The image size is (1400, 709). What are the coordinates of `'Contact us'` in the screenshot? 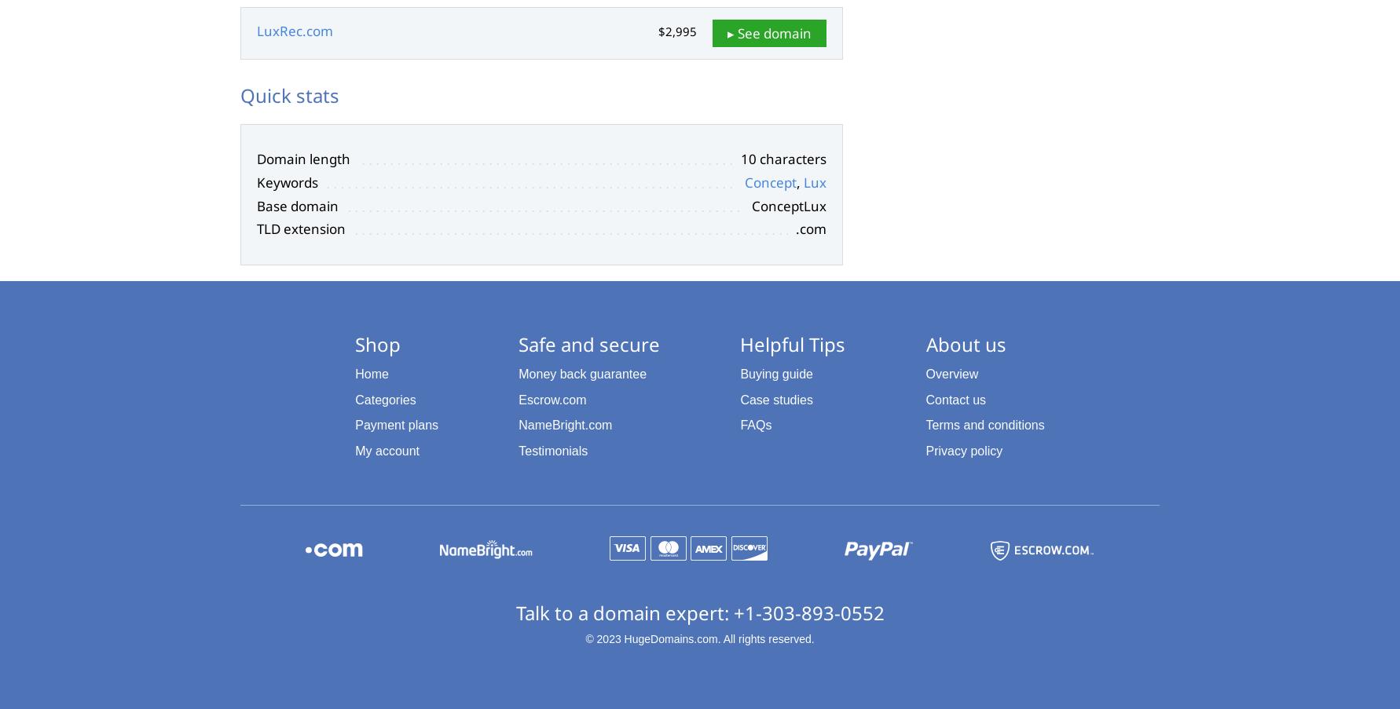 It's located at (955, 399).